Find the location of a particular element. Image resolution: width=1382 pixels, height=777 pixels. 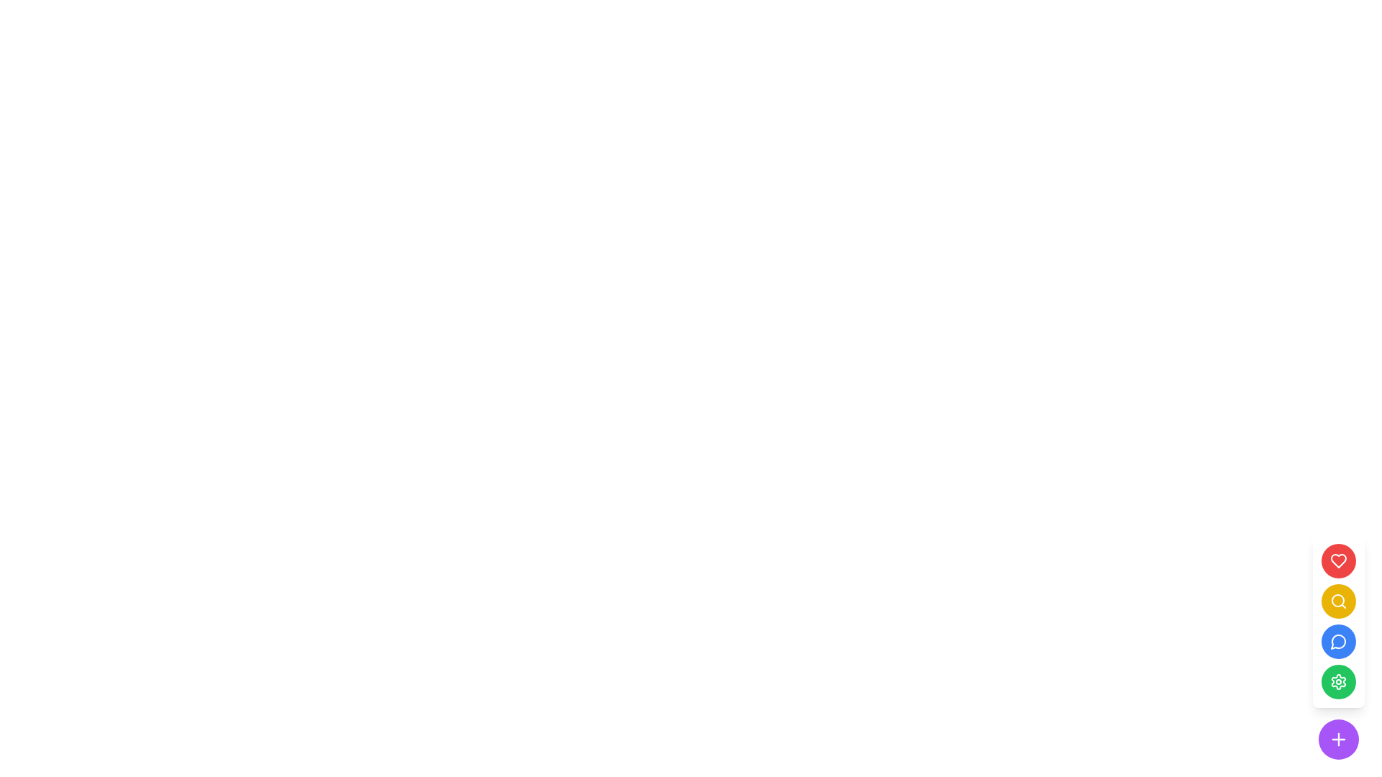

the SVG '+' icon located at the bottom right corner of the interface to potentially see a tooltip is located at coordinates (1338, 740).